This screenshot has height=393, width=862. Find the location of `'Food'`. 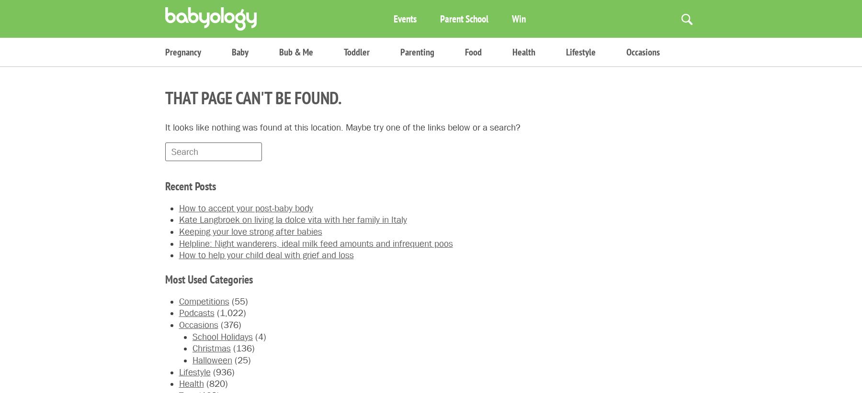

'Food' is located at coordinates (473, 51).